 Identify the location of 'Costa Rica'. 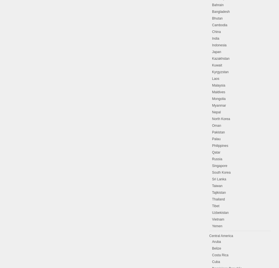
(220, 255).